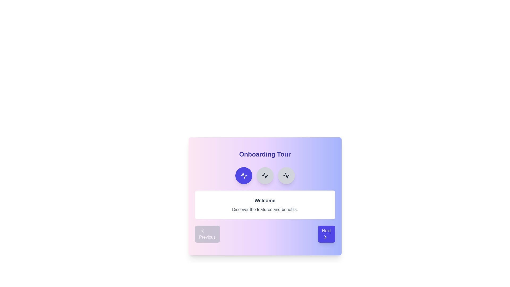 The width and height of the screenshot is (510, 287). What do you see at coordinates (286, 175) in the screenshot?
I see `the circular button with a gray background and a black wave-like icon, which is the rightmost button in a horizontal group of three buttons located under the 'Onboarding Tour' title and above the 'Welcome' text` at bounding box center [286, 175].